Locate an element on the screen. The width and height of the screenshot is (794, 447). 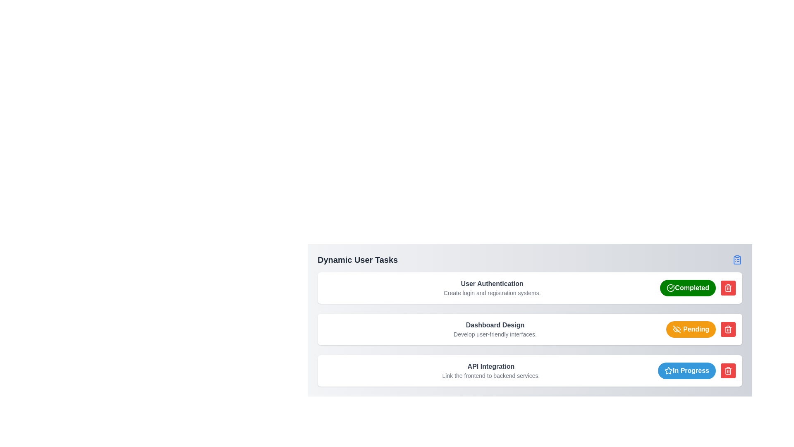
the text block titled 'Dashboard Design' which contains the description 'Develop user-friendly interfaces.' is located at coordinates (495, 329).